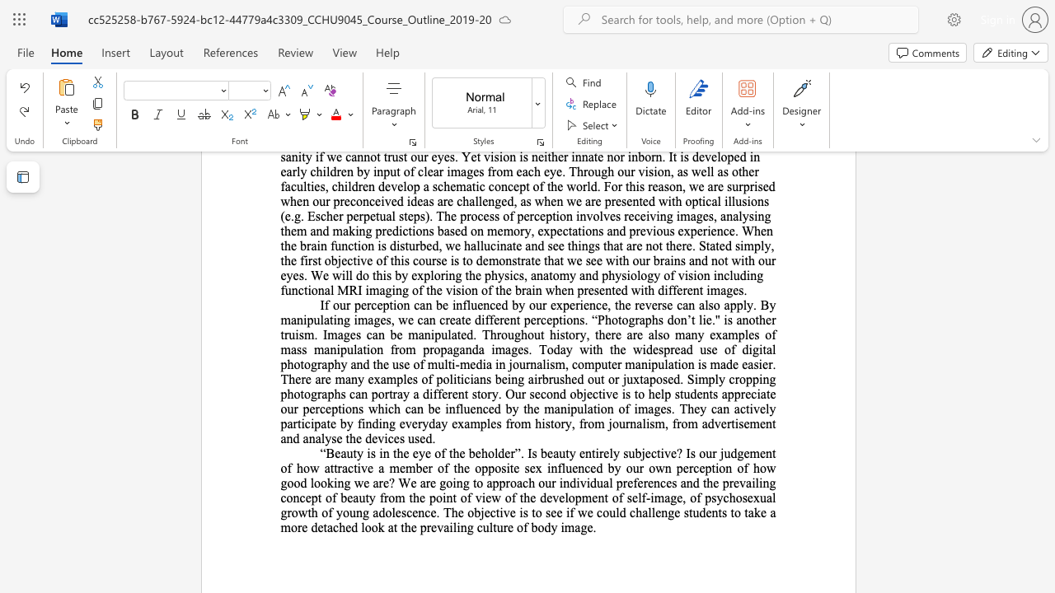 This screenshot has width=1055, height=593. What do you see at coordinates (457, 468) in the screenshot?
I see `the subset text "he opposite sex influenced by our own perception of how good looking we are? We are going to approach our individual preferences and the prevailing concept of beauty from the point of vi" within the text "“Beauty is in the eye of the beholder”. Is beauty entirely subjective? Is our judgement of how attractive a member of the opposite sex influenced by our own perception of how good looking we are? We are going to approach our individual preferences and the prevailing concept of beauty from the point of view of the development of self-image, of psychosexual growth of young adolescence. The objective is to see if we could challenge students to take a more detached look at the prevailing culture of body image."` at bounding box center [457, 468].